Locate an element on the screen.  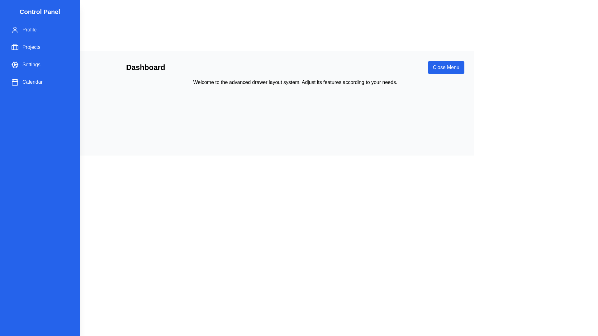
the 'Calendar' text label in the left-hand sidebar navigation menu to observe any visual changes is located at coordinates (32, 82).